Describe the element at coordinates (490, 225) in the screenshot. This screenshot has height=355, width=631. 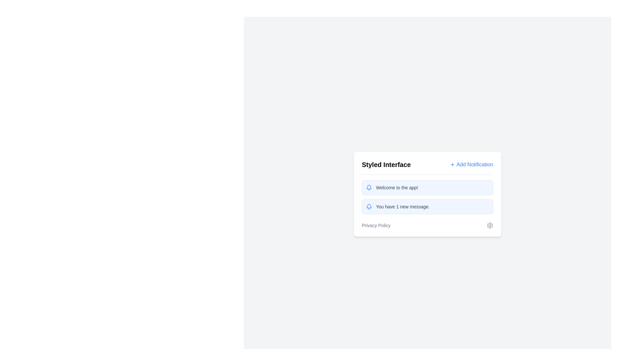
I see `the settings gear icon, which is a small SVG graphics icon located to the far right of the 'Privacy Policy' text in the lower-right corner of the card-style interface` at that location.